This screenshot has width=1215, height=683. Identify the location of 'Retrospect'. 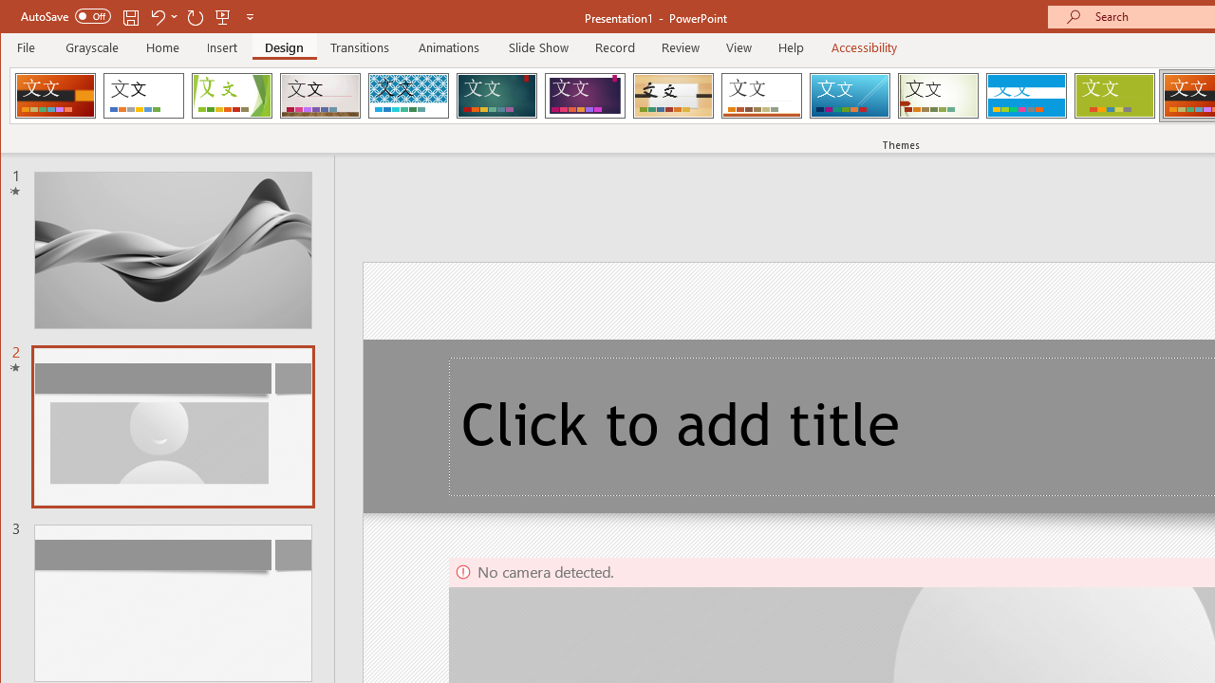
(761, 95).